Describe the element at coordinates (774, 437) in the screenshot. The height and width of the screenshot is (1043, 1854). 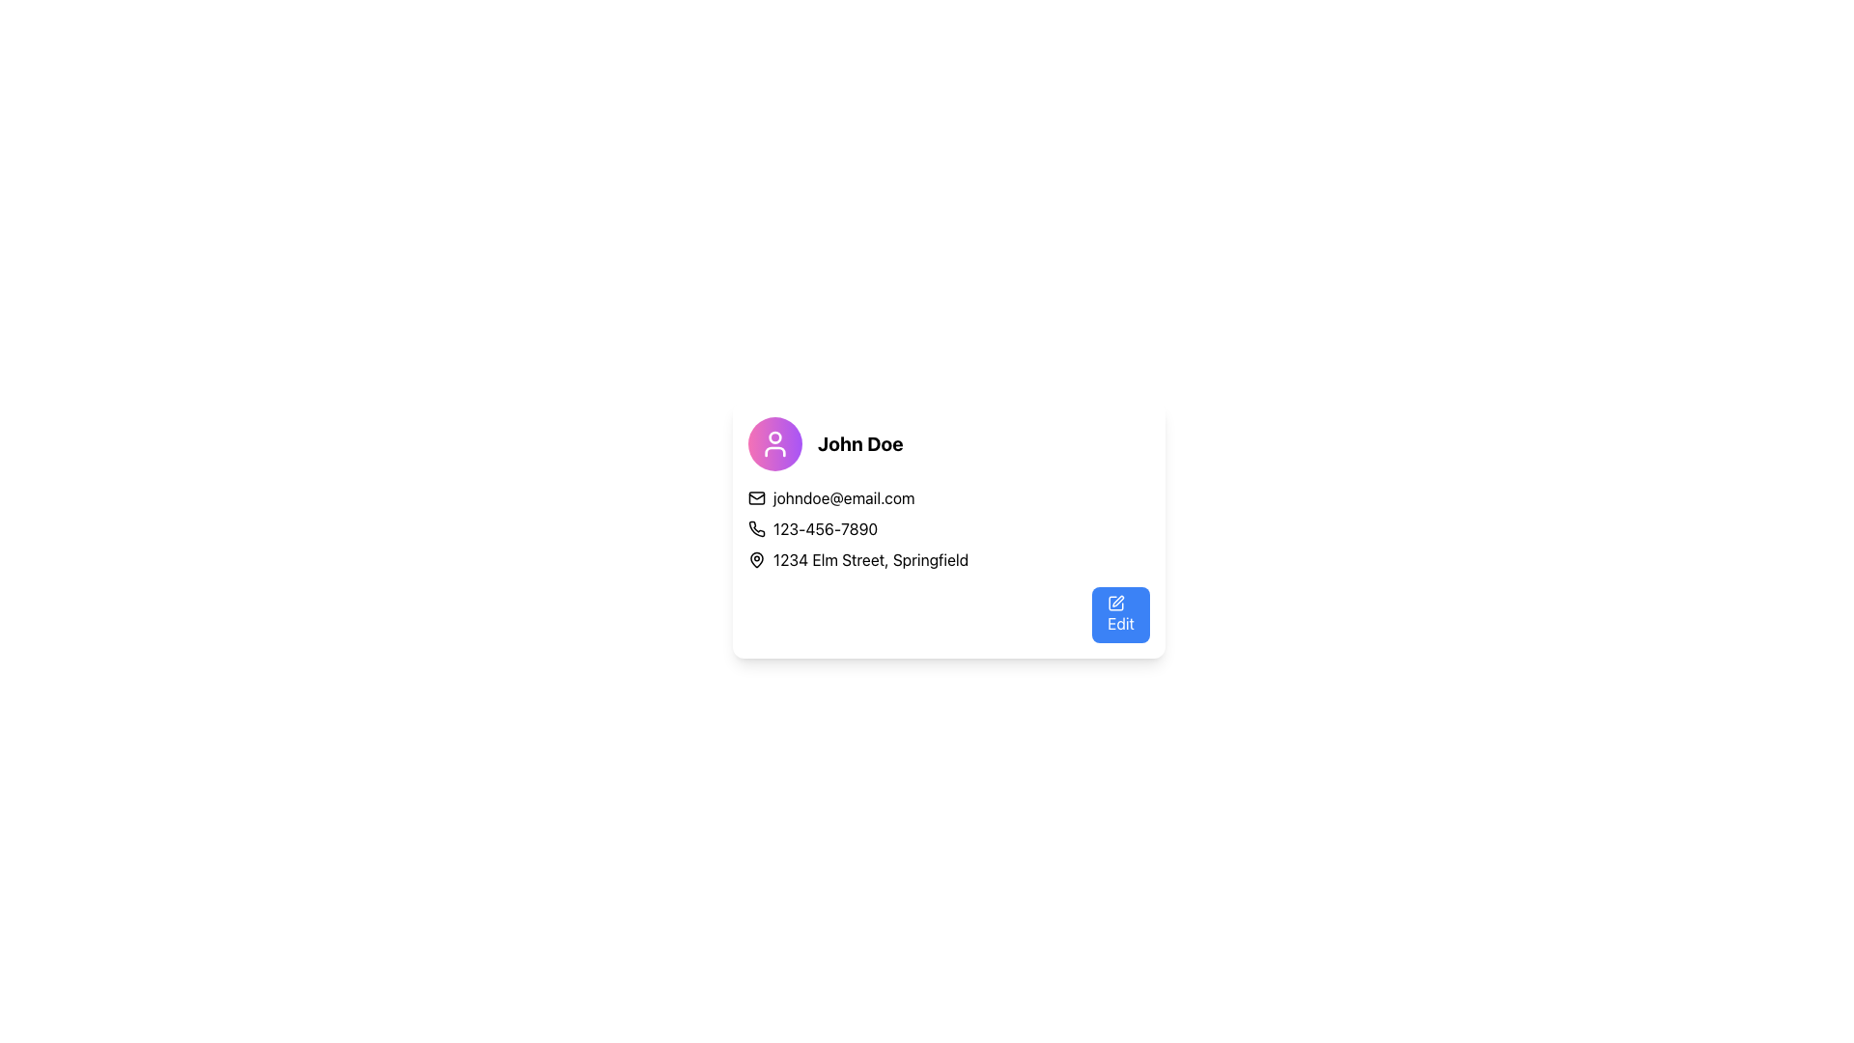
I see `the graphical circle element representing the head in the user profile icon located at the top of the SVG element in the upper left corner of the card-like layout` at that location.